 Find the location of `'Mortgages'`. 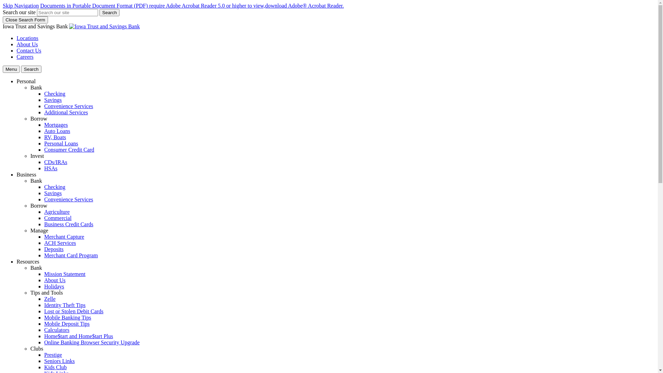

'Mortgages' is located at coordinates (56, 125).